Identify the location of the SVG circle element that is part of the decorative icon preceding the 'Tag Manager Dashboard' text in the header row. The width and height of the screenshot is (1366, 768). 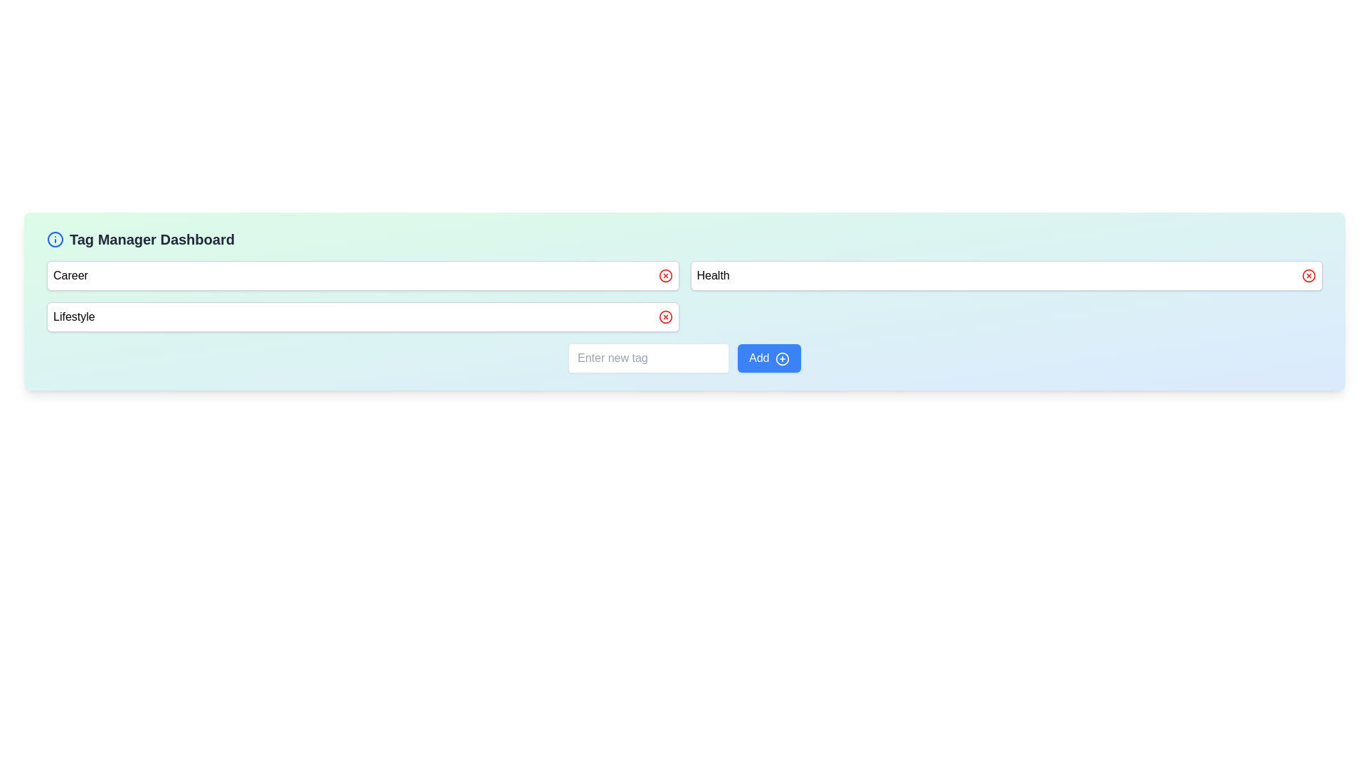
(55, 238).